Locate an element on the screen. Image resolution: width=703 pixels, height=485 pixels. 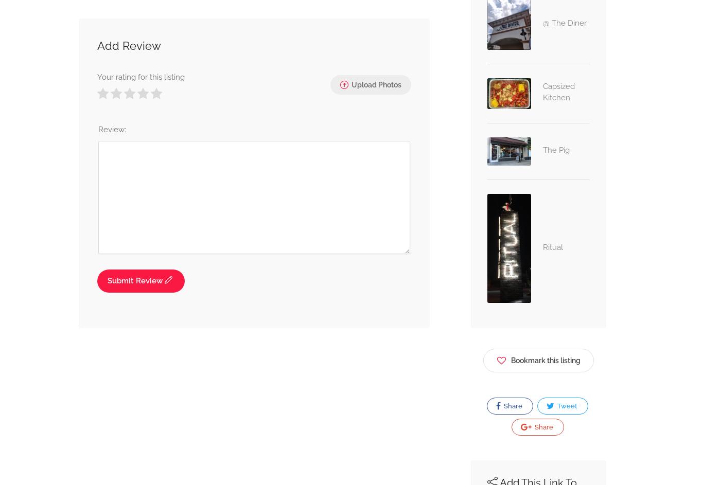
'@ The Diner' is located at coordinates (564, 23).